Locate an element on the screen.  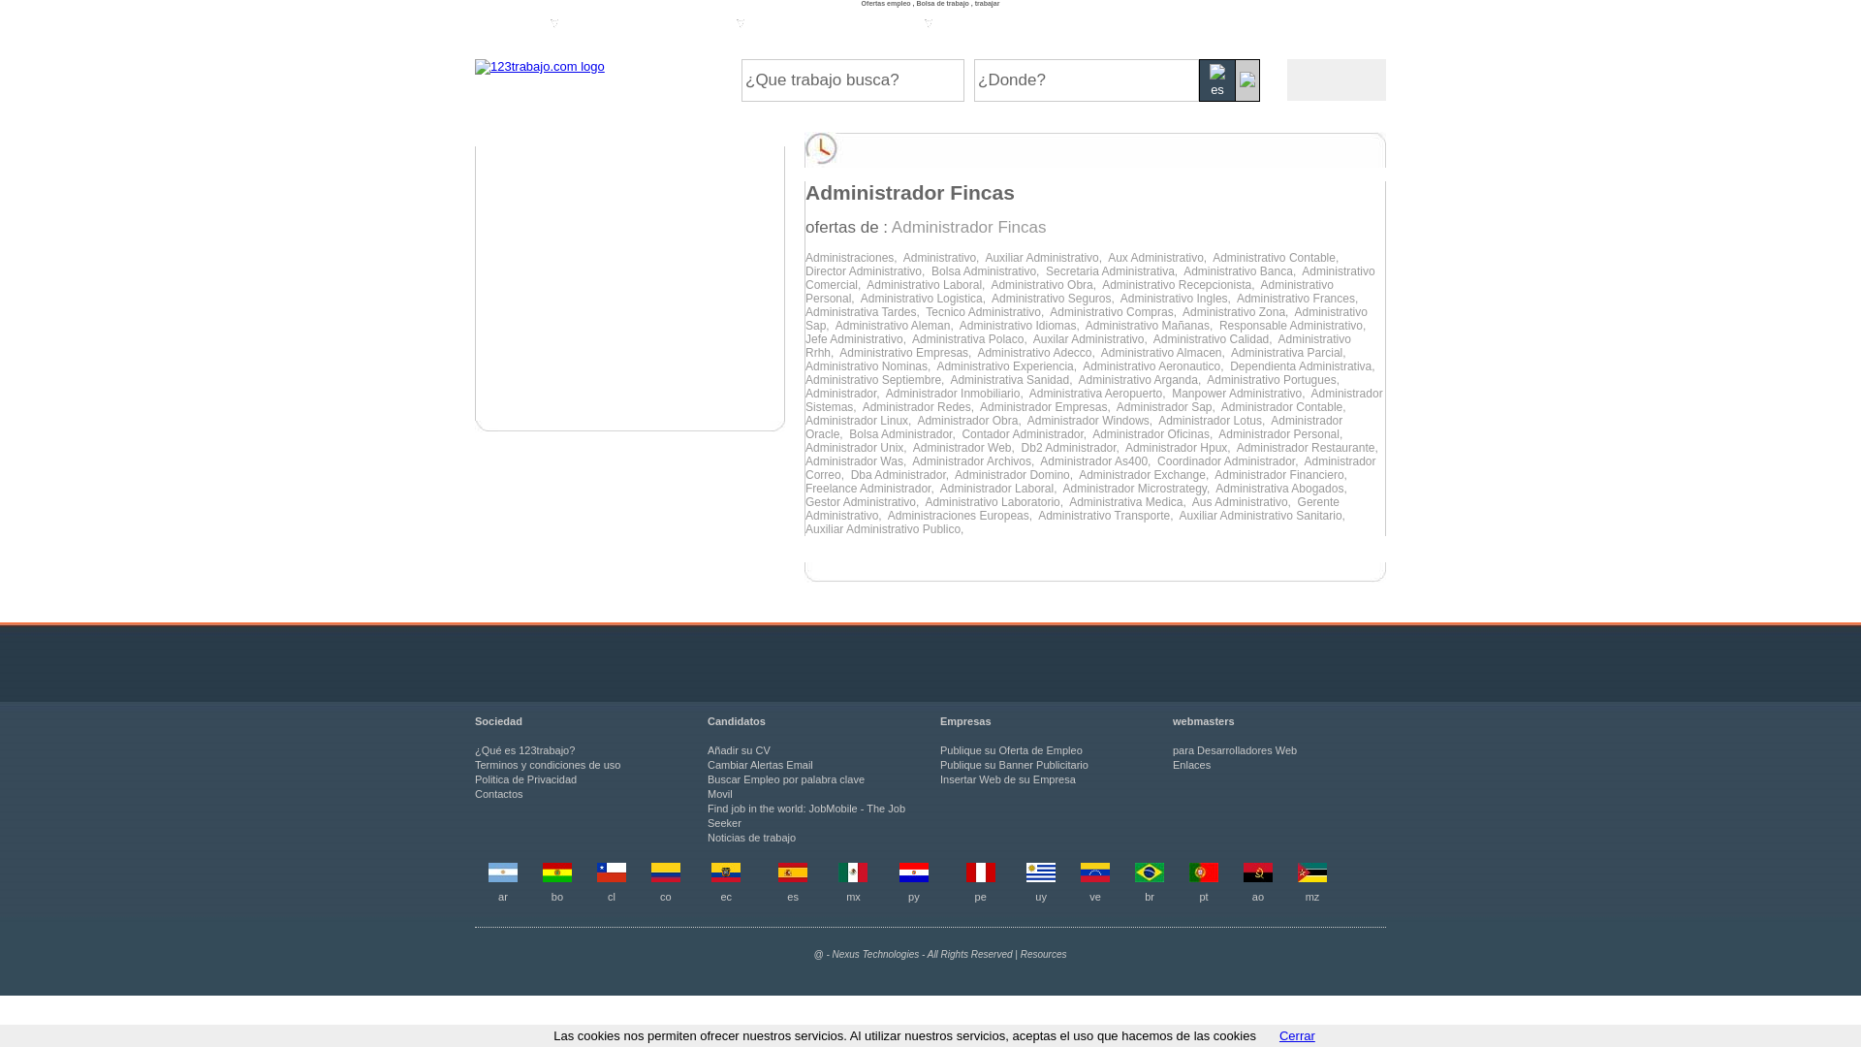
'Secretaria Administrativa, ' is located at coordinates (1115, 271).